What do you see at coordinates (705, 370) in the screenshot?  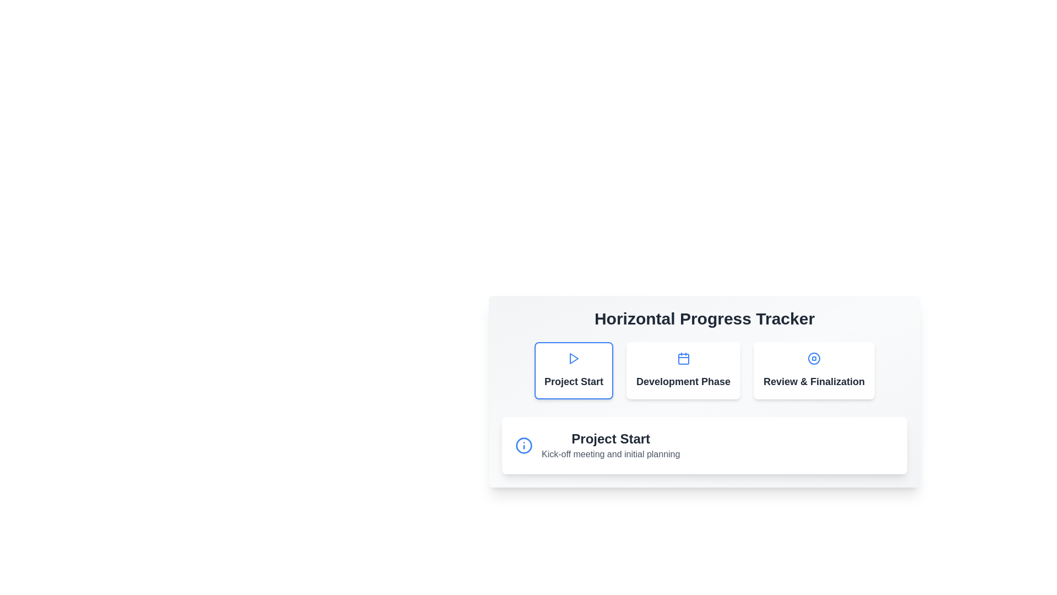 I see `the 'Development Phase' clickable card in the 'Horizontal Progress Tracker' section` at bounding box center [705, 370].